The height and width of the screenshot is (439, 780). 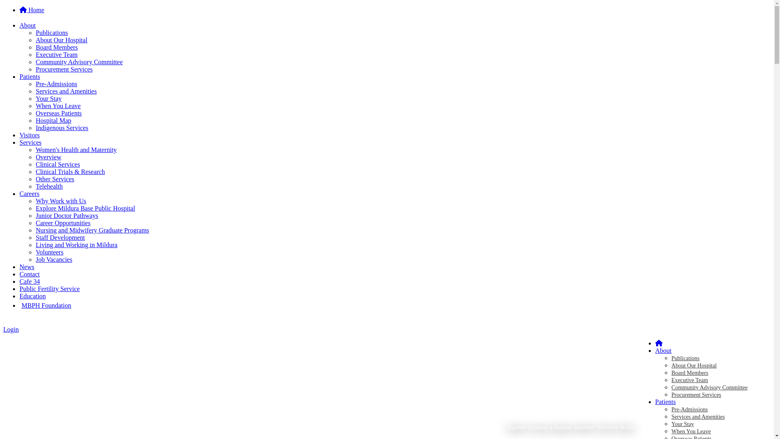 I want to click on 'Job Vacancies', so click(x=35, y=259).